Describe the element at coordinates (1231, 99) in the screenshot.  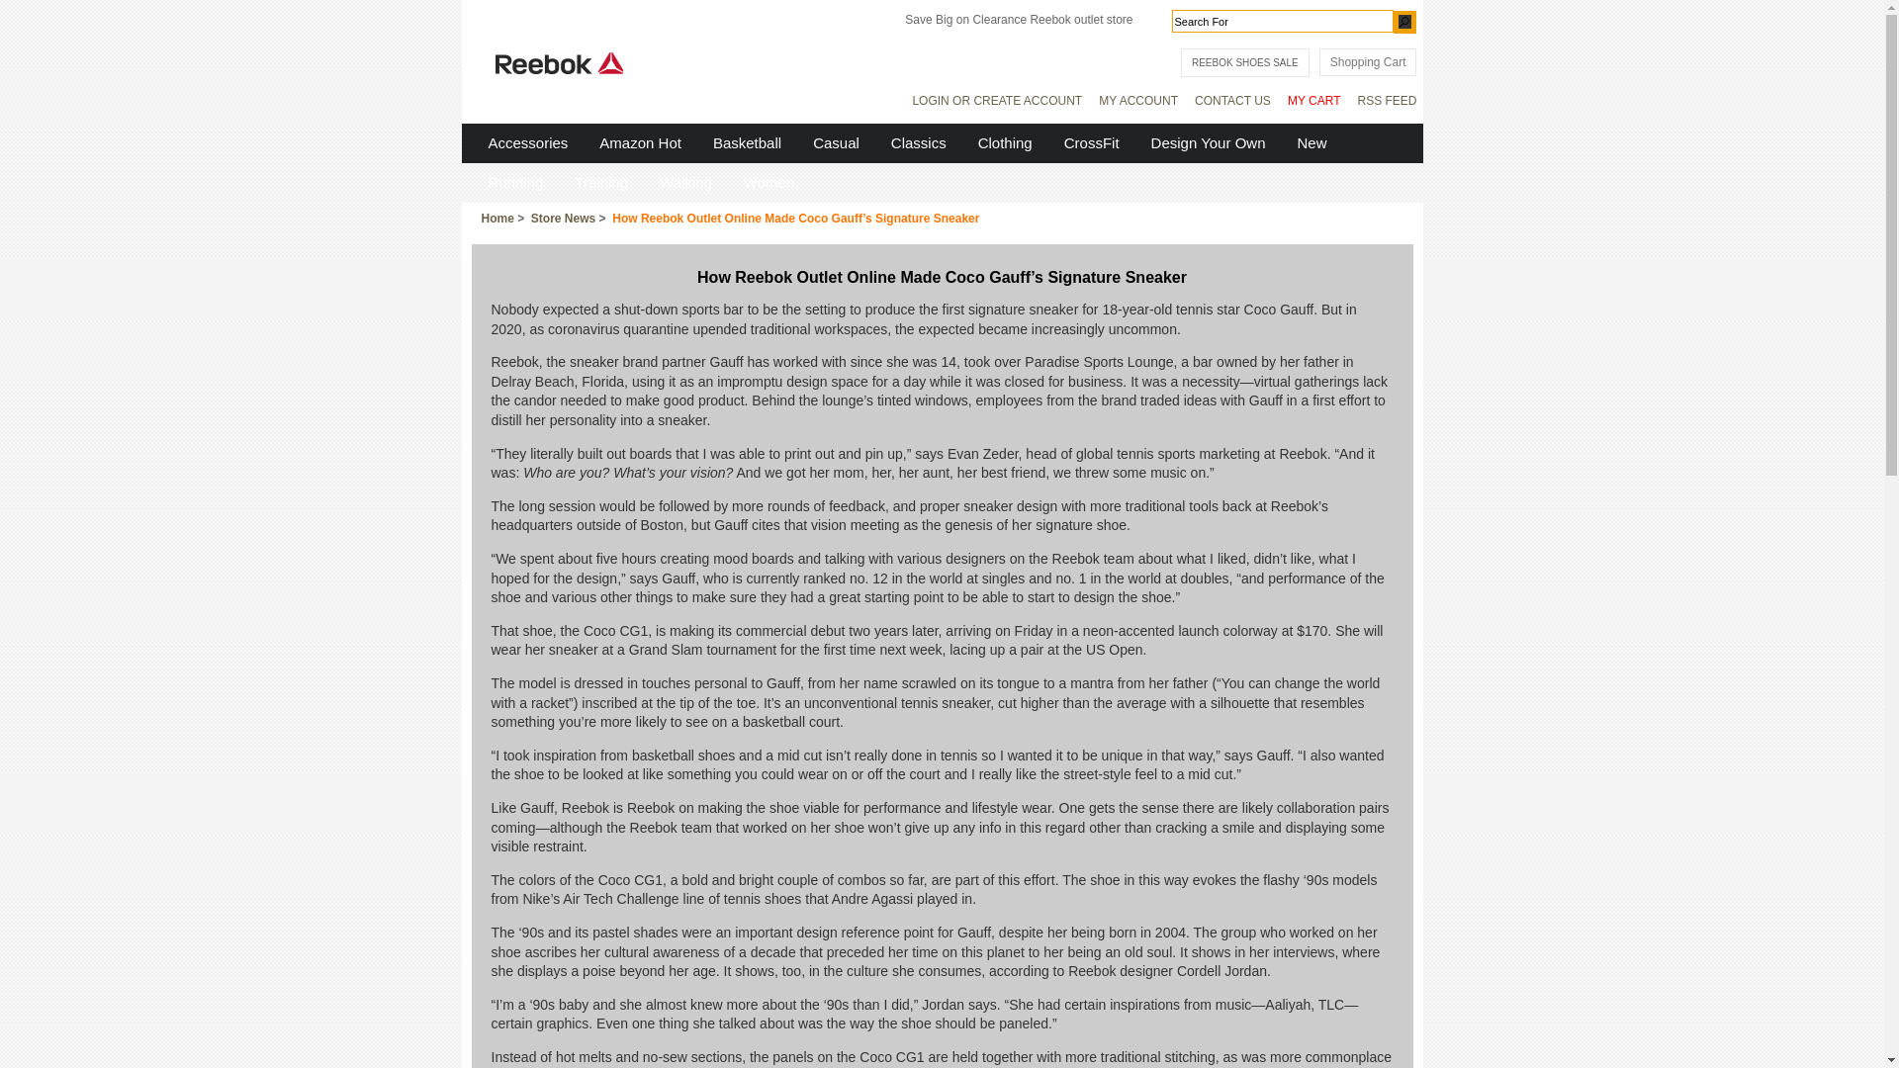
I see `'CONTACT US'` at that location.